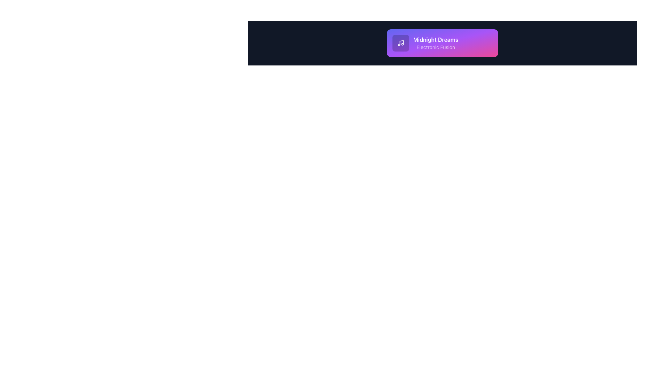 The width and height of the screenshot is (668, 376). What do you see at coordinates (435, 47) in the screenshot?
I see `the Text Label displaying 'Electronic Fusion', which is styled in white with 70% opacity and is located below 'Midnight Dreams'` at bounding box center [435, 47].